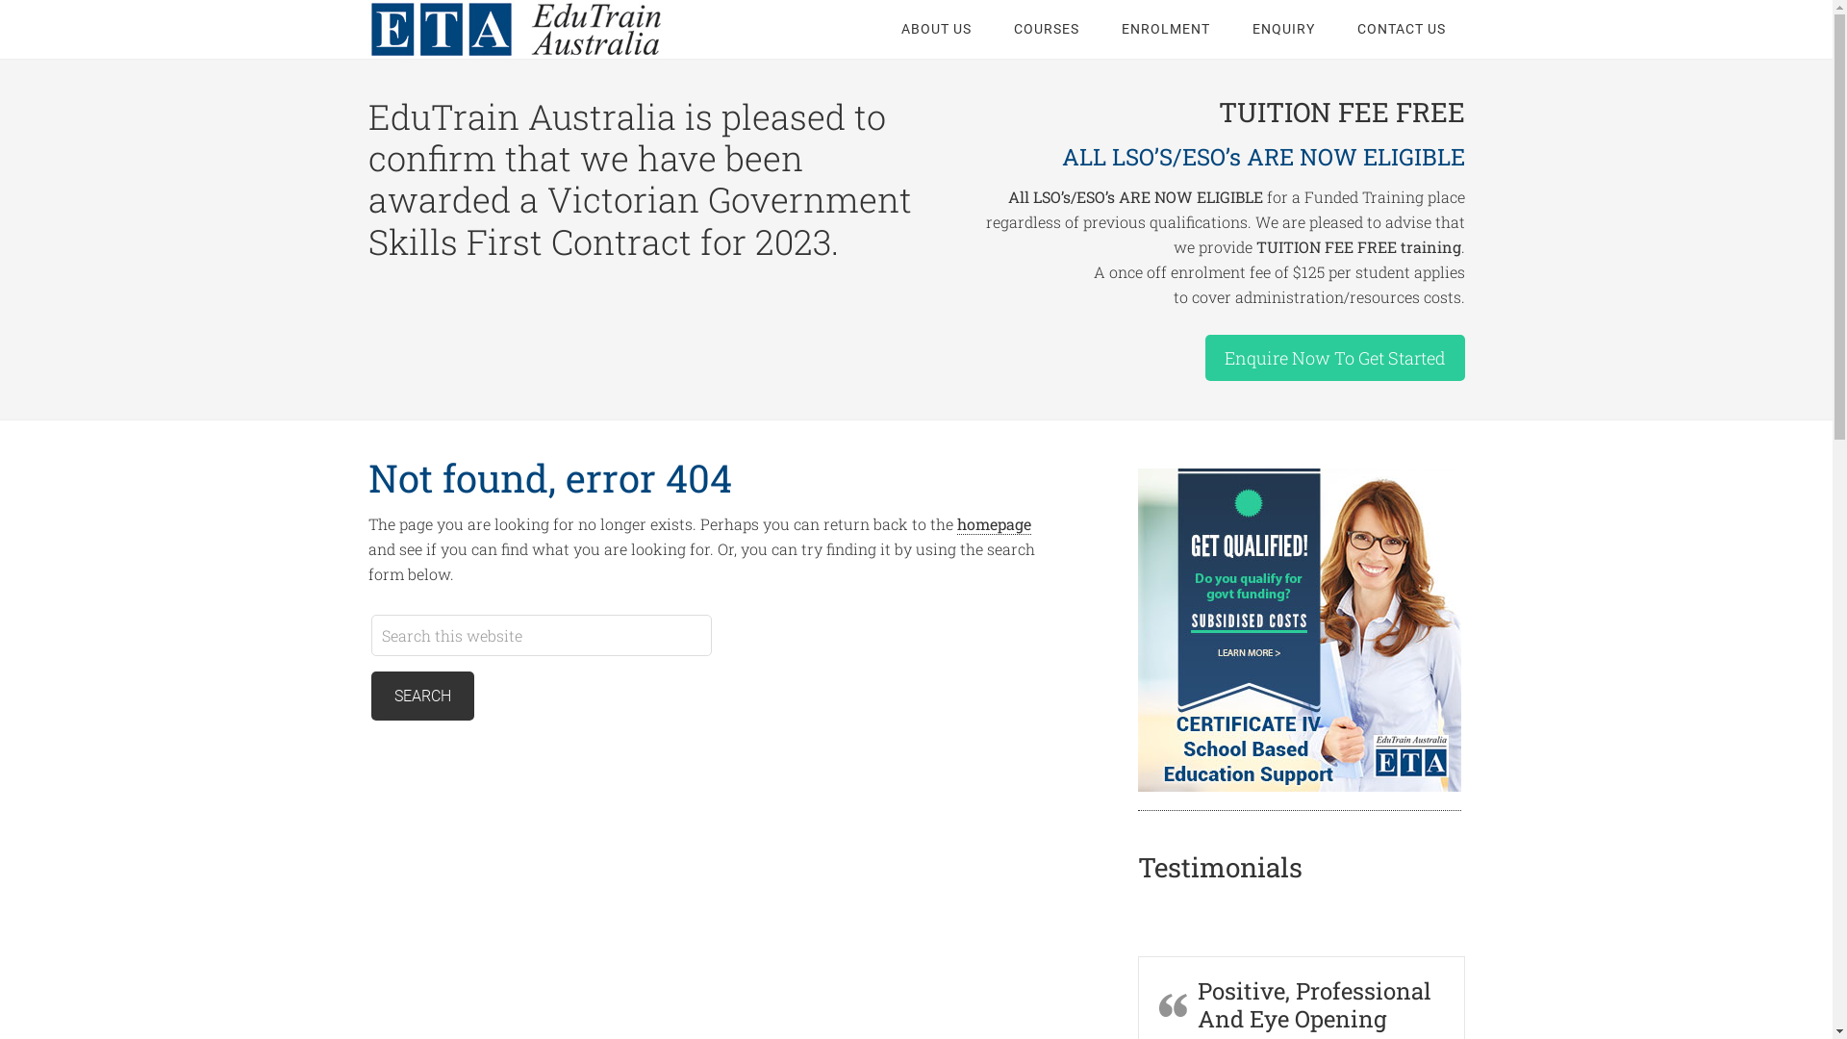 This screenshot has width=1847, height=1039. Describe the element at coordinates (1046, 29) in the screenshot. I see `'COURSES'` at that location.